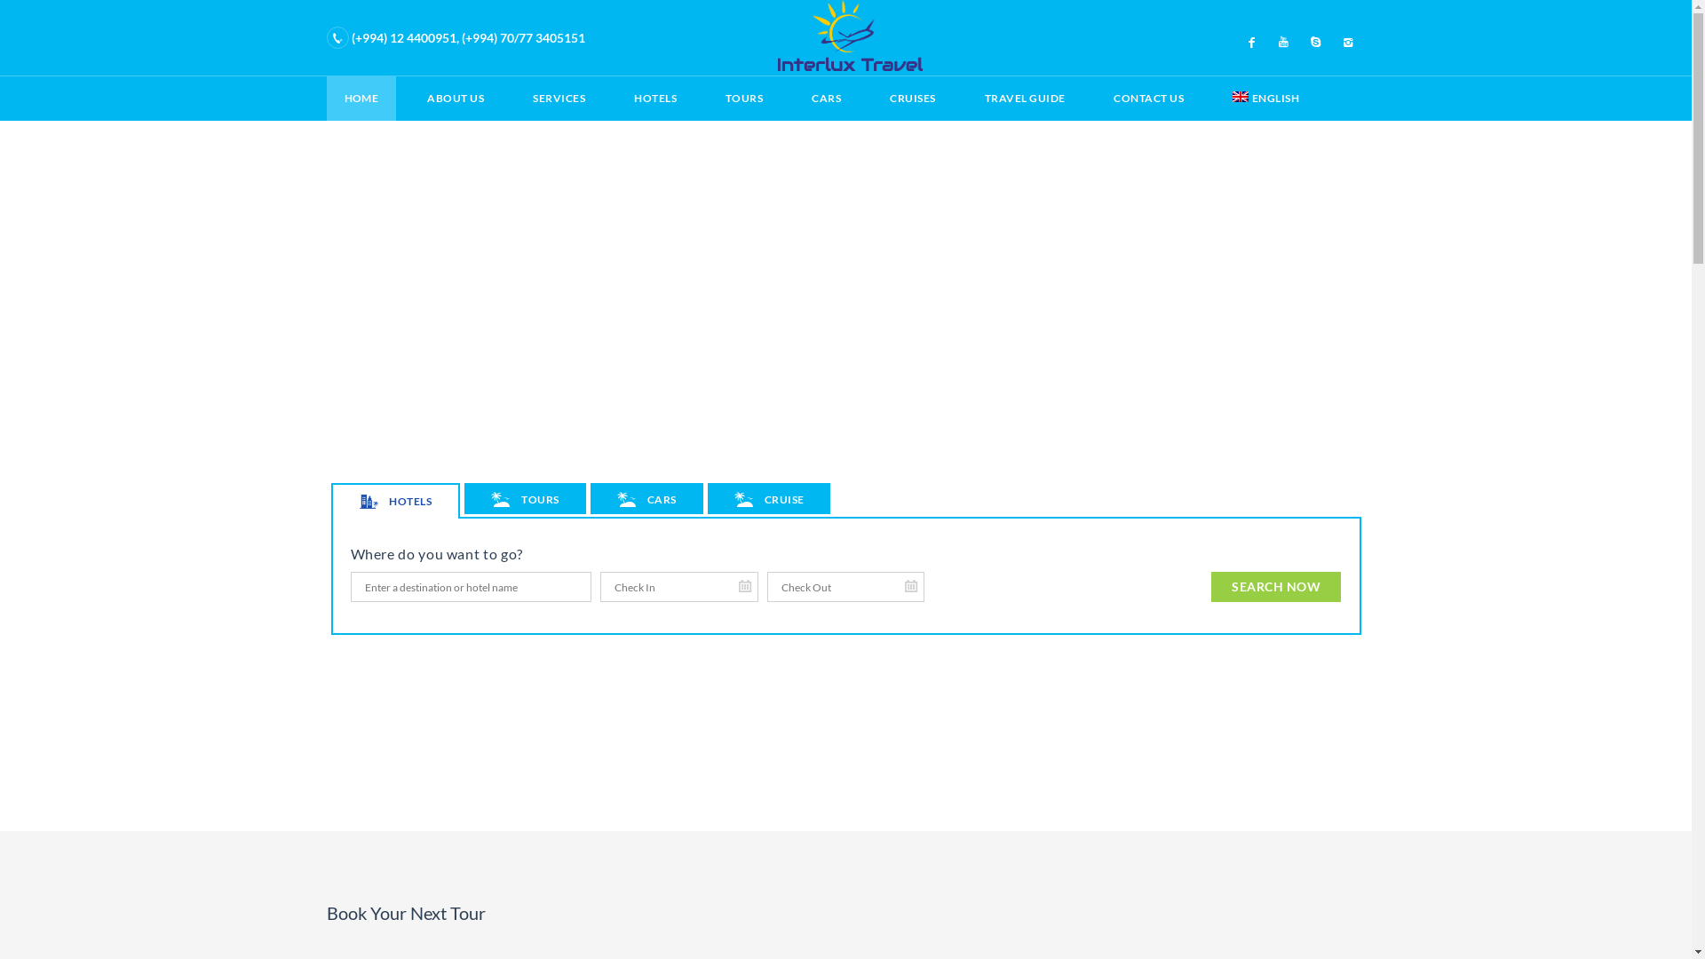  Describe the element at coordinates (1209, 586) in the screenshot. I see `'SEARCH NOW'` at that location.